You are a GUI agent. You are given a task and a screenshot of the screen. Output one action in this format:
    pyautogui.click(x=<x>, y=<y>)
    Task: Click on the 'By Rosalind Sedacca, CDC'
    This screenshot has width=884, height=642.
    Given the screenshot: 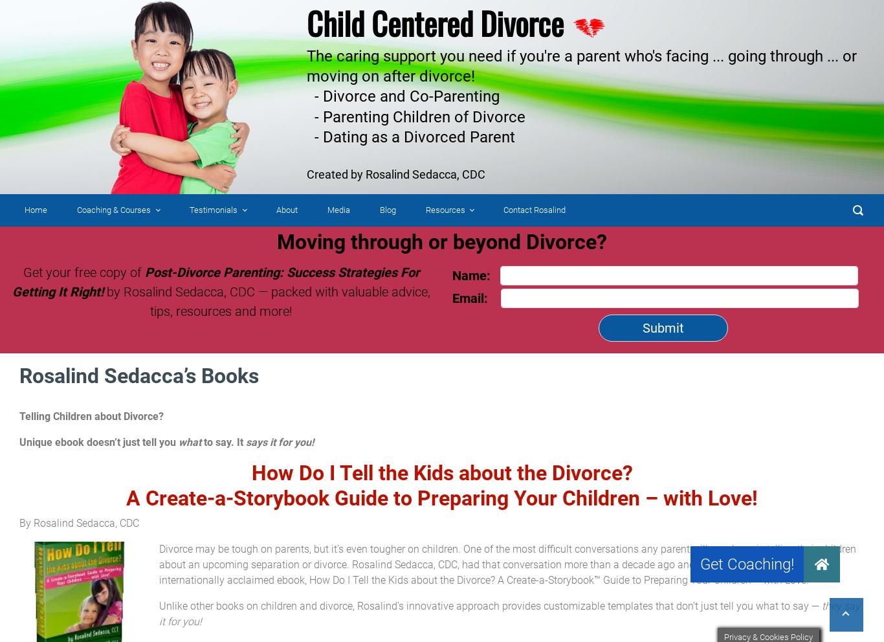 What is the action you would take?
    pyautogui.click(x=78, y=523)
    